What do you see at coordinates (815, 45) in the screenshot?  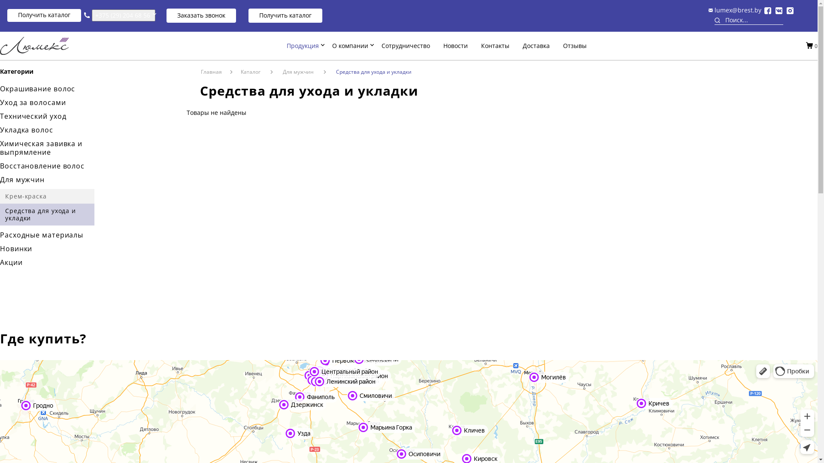 I see `'0'` at bounding box center [815, 45].